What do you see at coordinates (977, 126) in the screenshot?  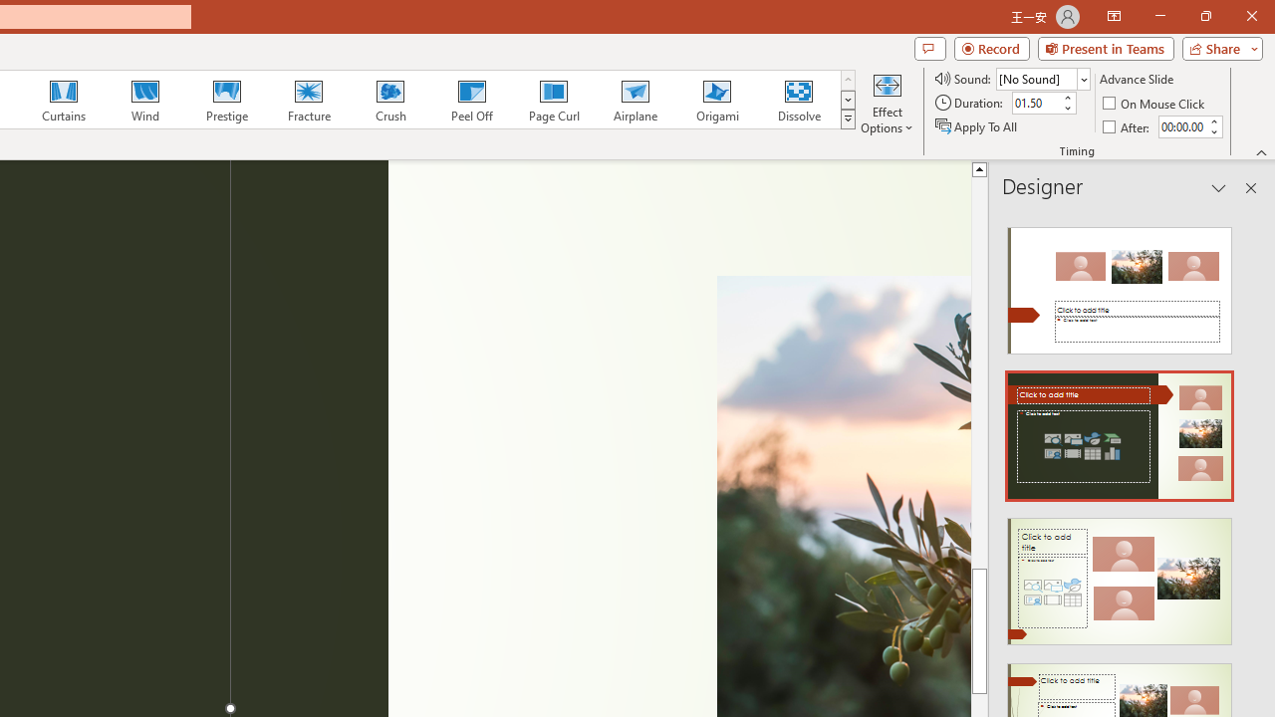 I see `'Apply To All'` at bounding box center [977, 126].